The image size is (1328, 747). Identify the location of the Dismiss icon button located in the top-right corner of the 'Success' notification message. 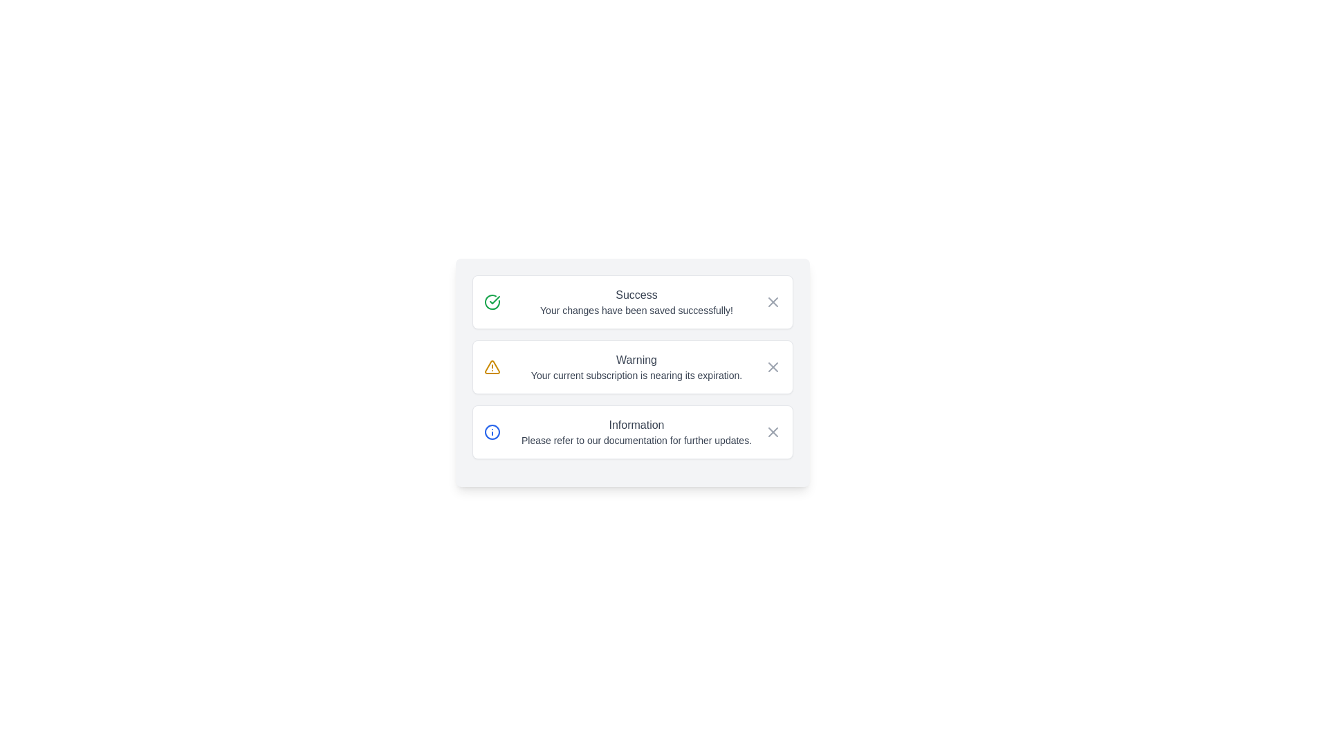
(772, 301).